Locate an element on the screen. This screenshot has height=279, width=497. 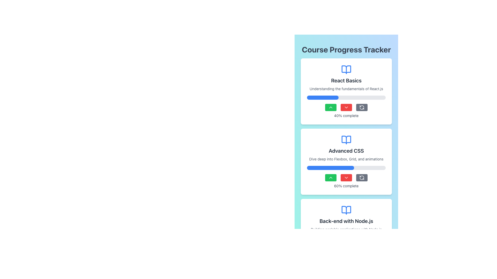
the main title text label of the uppermost card in the vertical list is located at coordinates (346, 81).